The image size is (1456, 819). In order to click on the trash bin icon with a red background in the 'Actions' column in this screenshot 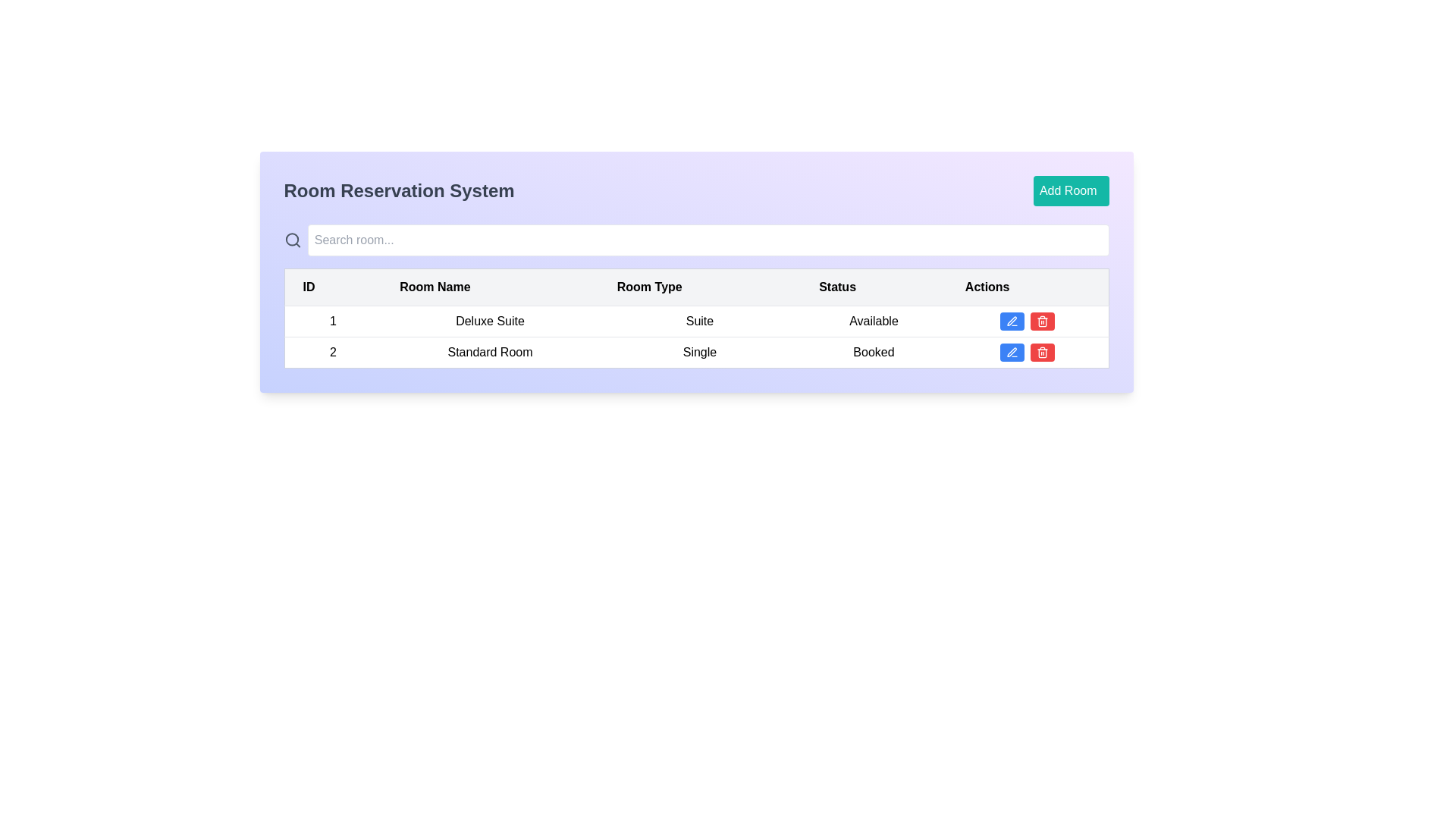, I will do `click(1042, 353)`.